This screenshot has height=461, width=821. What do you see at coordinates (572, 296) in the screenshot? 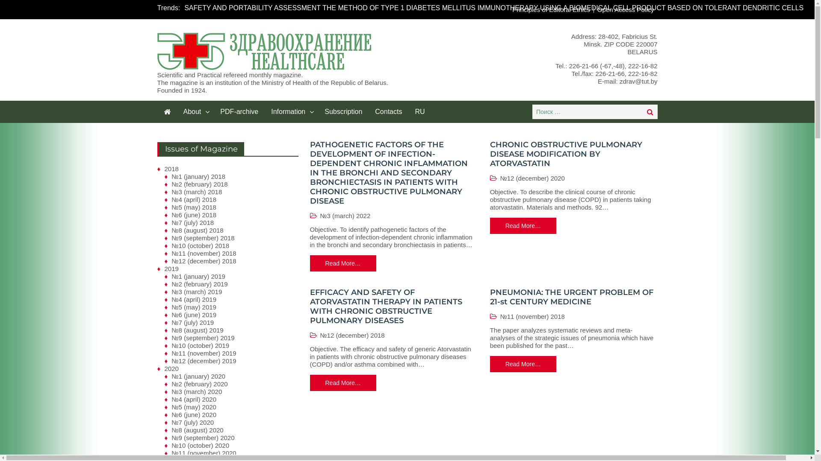
I see `'PNEUMONIA: THE URGENT PROBLEM OF 21-st CENTURY MEDICINE'` at bounding box center [572, 296].